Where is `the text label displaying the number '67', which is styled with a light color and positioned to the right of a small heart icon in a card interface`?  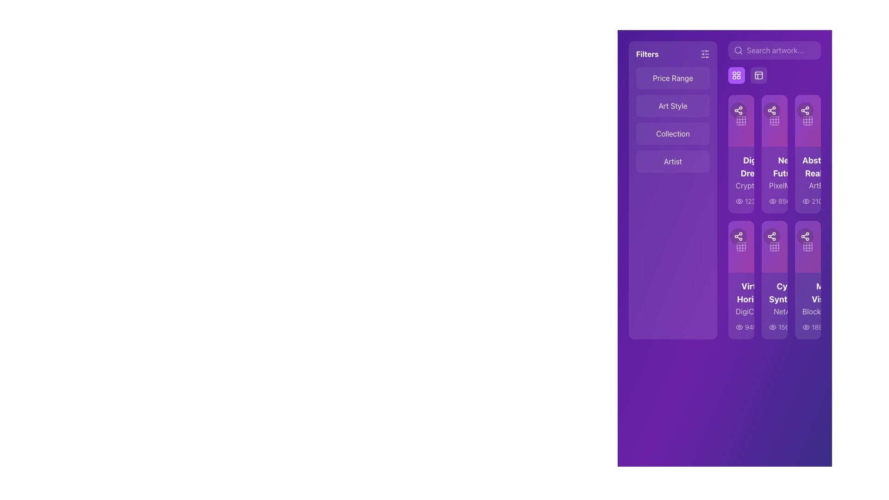
the text label displaying the number '67', which is styled with a light color and positioned to the right of a small heart icon in a card interface is located at coordinates (803, 201).